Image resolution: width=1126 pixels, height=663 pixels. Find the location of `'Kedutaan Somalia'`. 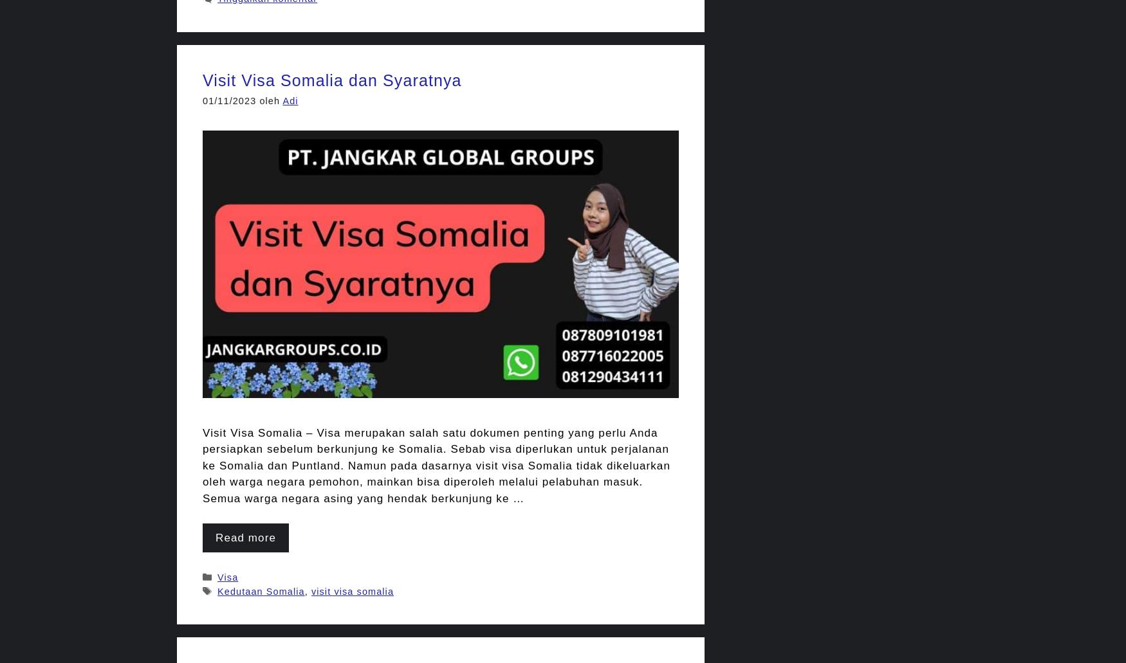

'Kedutaan Somalia' is located at coordinates (260, 591).